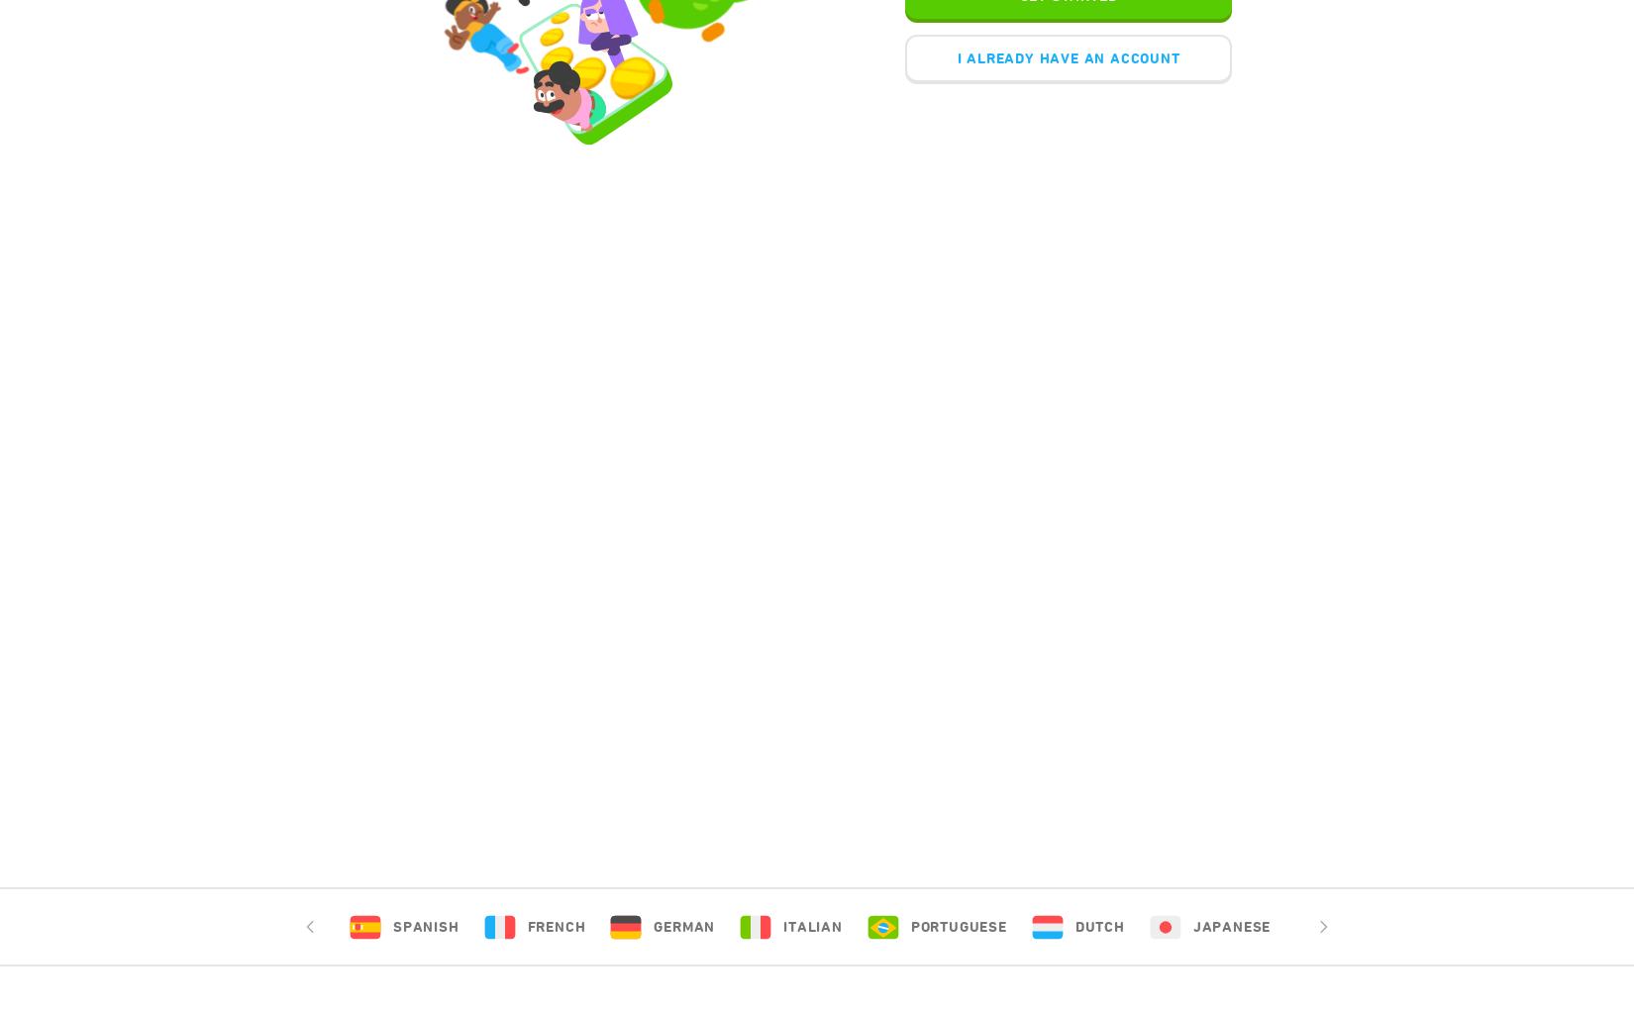 This screenshot has width=1634, height=1014. What do you see at coordinates (958, 926) in the screenshot?
I see `'Portuguese'` at bounding box center [958, 926].